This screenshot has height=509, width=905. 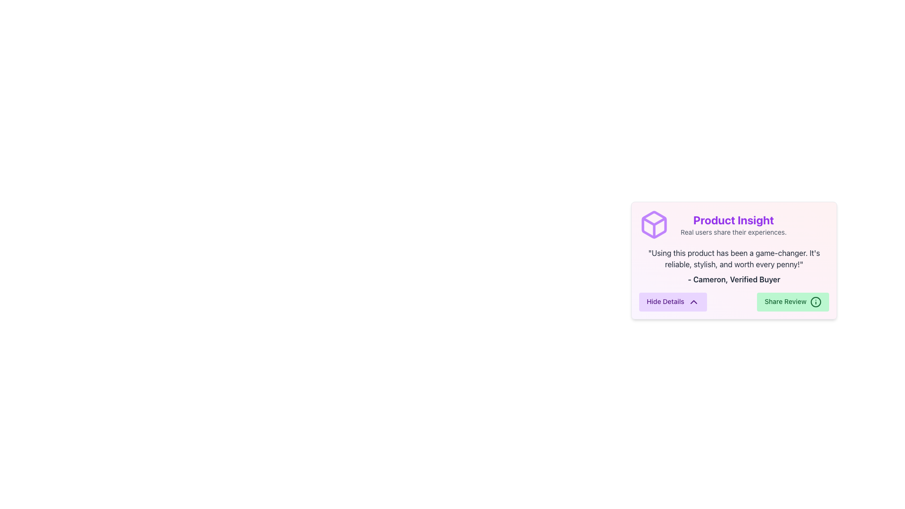 I want to click on the Text label at the top of the card that summarizes the content below it, which is positioned above the smaller text component reading 'Real users share their experiences.', so click(x=733, y=220).